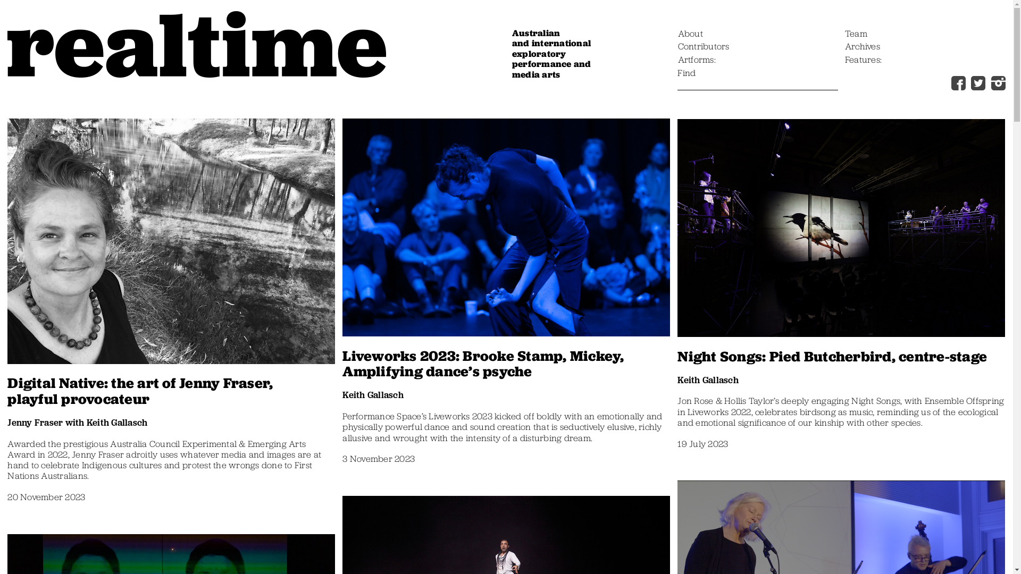  I want to click on 'About', so click(677, 34).